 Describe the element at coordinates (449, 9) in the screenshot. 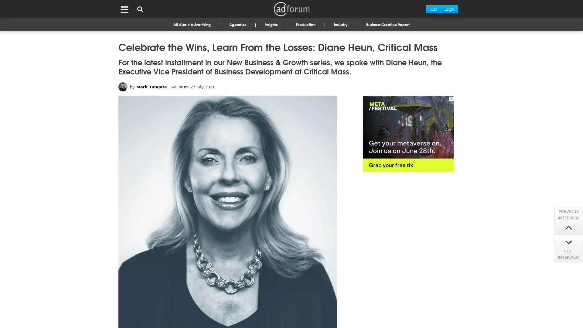

I see `Login` at that location.